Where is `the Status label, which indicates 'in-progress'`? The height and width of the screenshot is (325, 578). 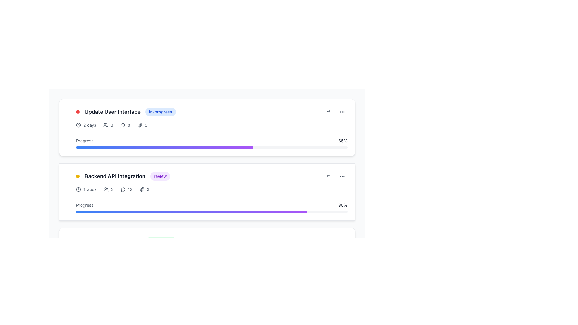
the Status label, which indicates 'in-progress' is located at coordinates (160, 112).